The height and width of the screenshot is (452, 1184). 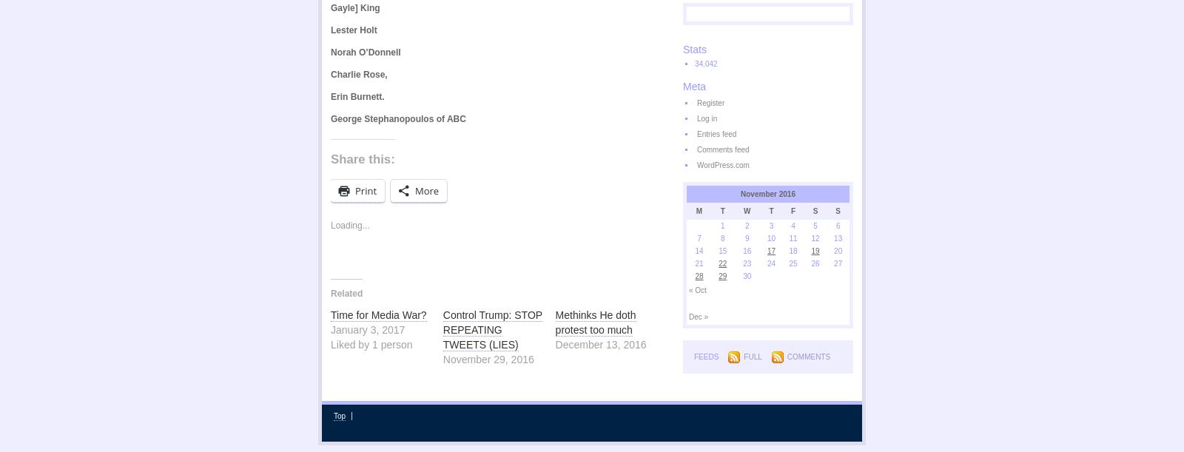 I want to click on 'Print', so click(x=354, y=189).